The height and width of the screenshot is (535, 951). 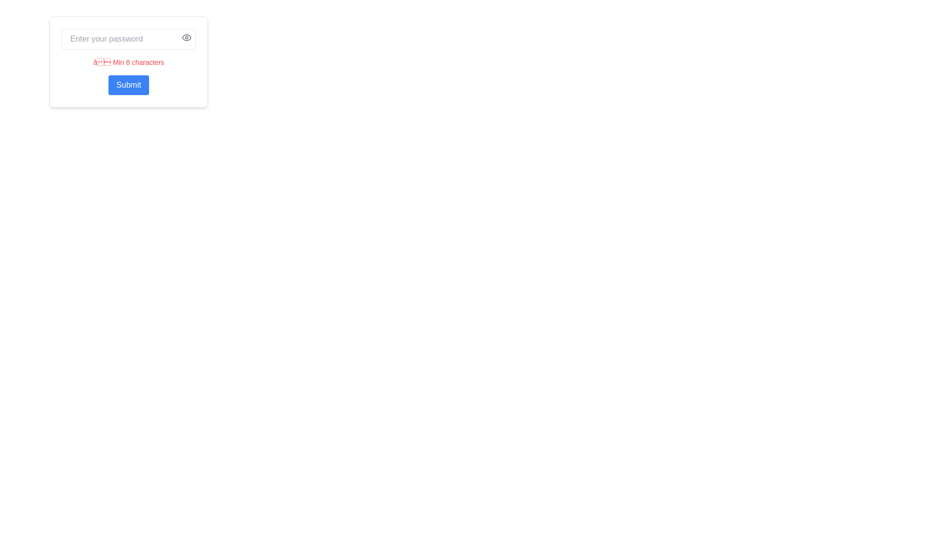 What do you see at coordinates (128, 61) in the screenshot?
I see `the error guidance message text label indicating the password requirement, which is located below the password input field and above the submit button` at bounding box center [128, 61].